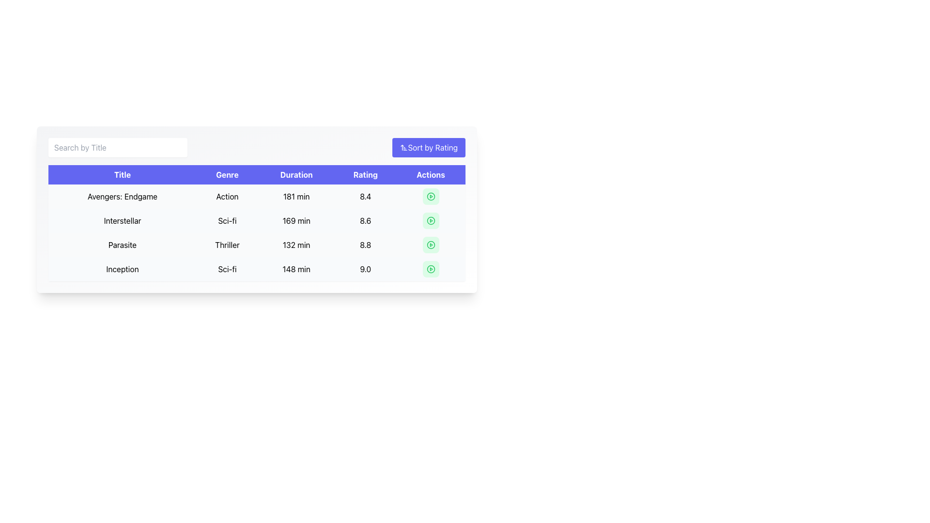 The width and height of the screenshot is (930, 523). What do you see at coordinates (430, 269) in the screenshot?
I see `the action button in the last column of the 'Inception' row` at bounding box center [430, 269].